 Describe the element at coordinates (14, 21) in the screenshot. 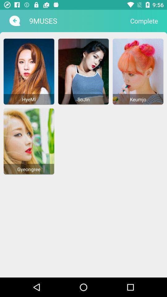

I see `item next to the 9muses` at that location.